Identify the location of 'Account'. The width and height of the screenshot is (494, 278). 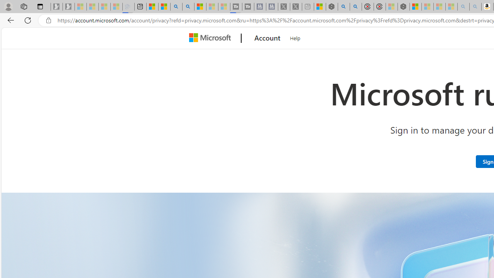
(267, 38).